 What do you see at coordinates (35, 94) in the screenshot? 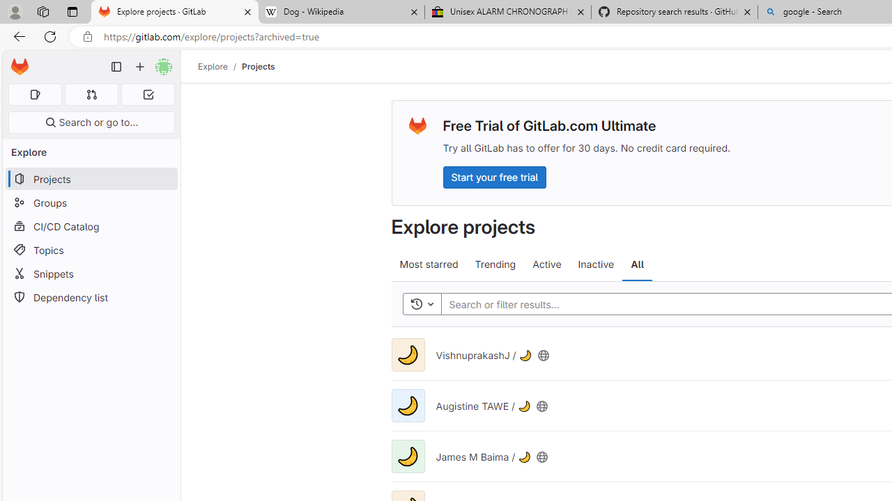
I see `'Assigned issues 0'` at bounding box center [35, 94].